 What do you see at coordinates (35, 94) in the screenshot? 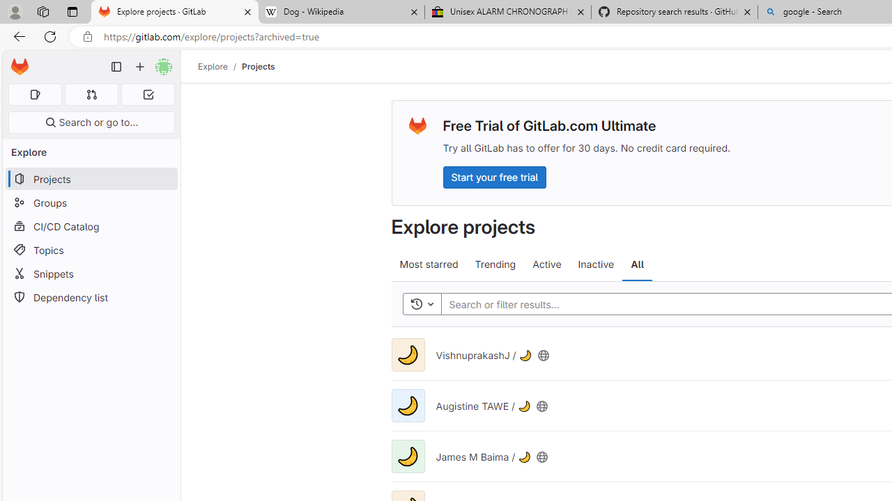
I see `'Assigned issues 0'` at bounding box center [35, 94].